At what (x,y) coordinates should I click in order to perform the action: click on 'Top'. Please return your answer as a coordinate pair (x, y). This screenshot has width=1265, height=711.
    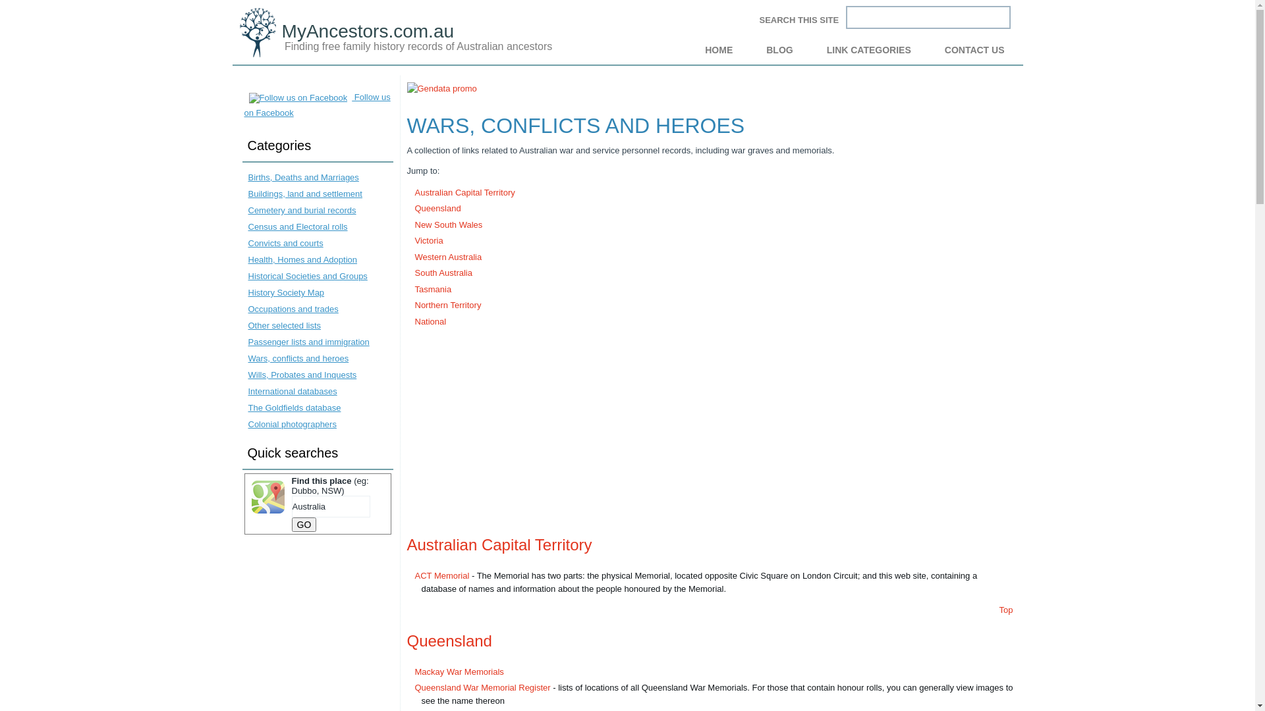
    Looking at the image, I should click on (1005, 610).